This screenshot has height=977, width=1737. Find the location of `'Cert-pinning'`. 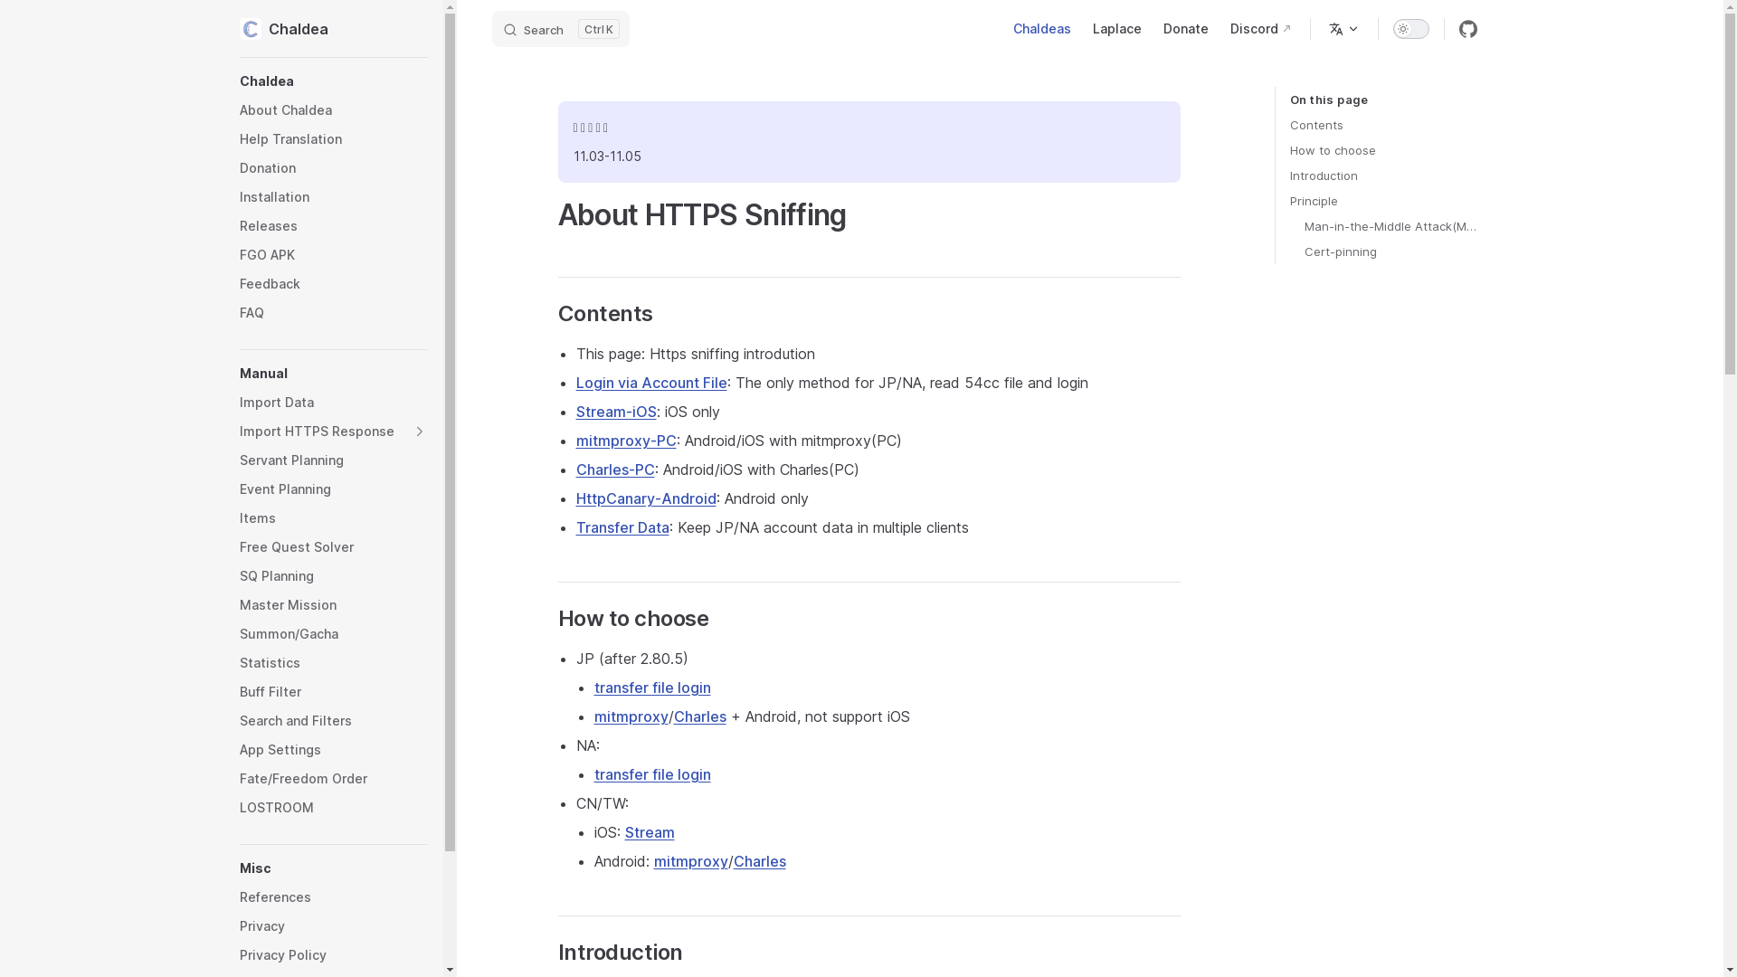

'Cert-pinning' is located at coordinates (1390, 251).